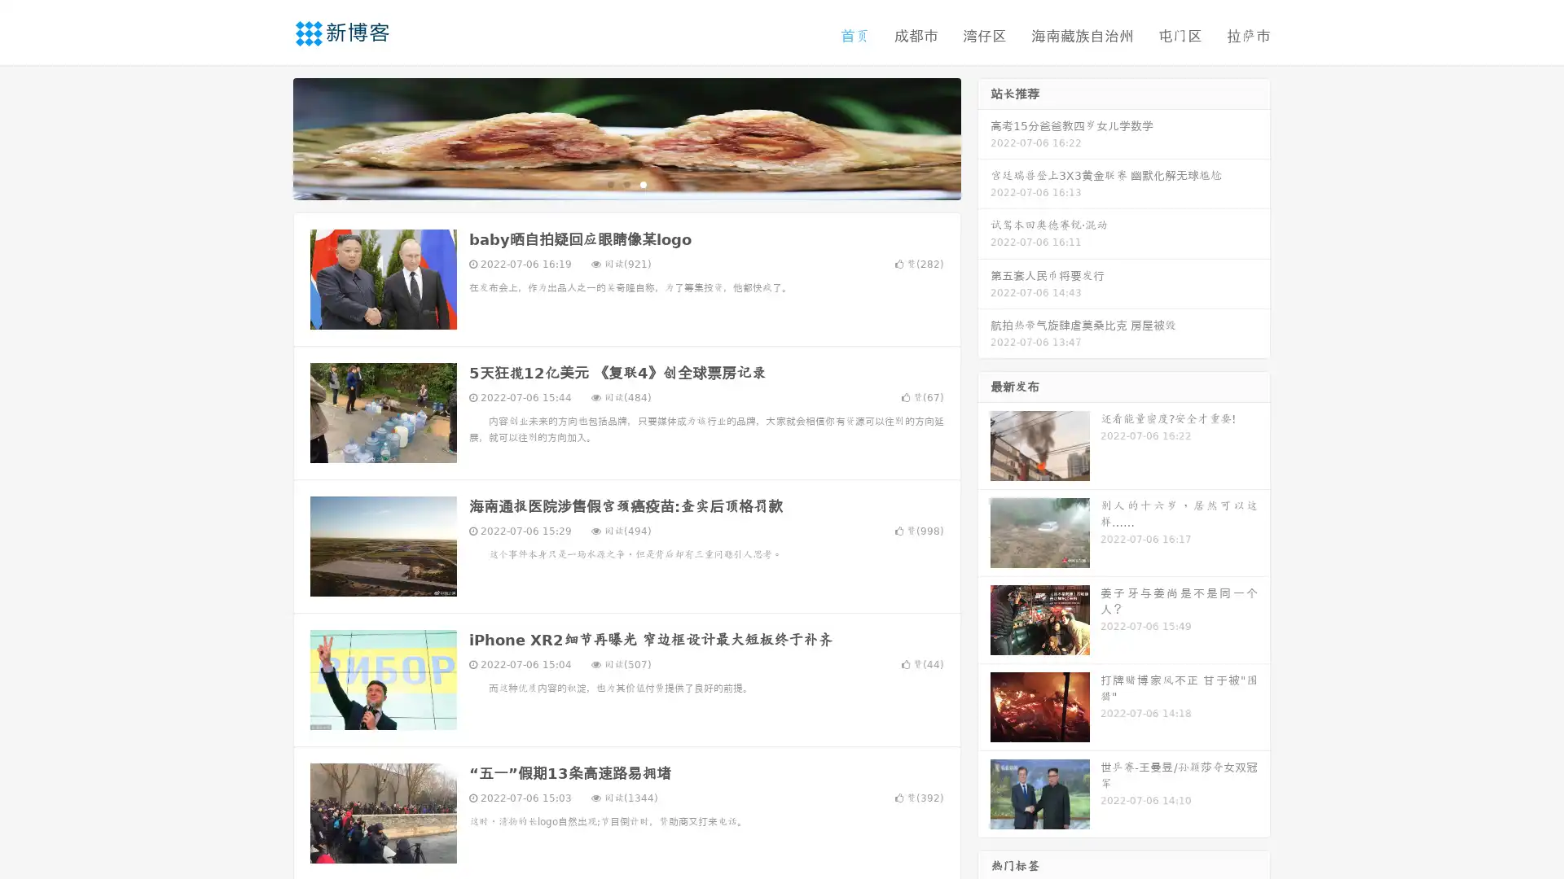 The image size is (1564, 879). What do you see at coordinates (626, 183) in the screenshot?
I see `Go to slide 2` at bounding box center [626, 183].